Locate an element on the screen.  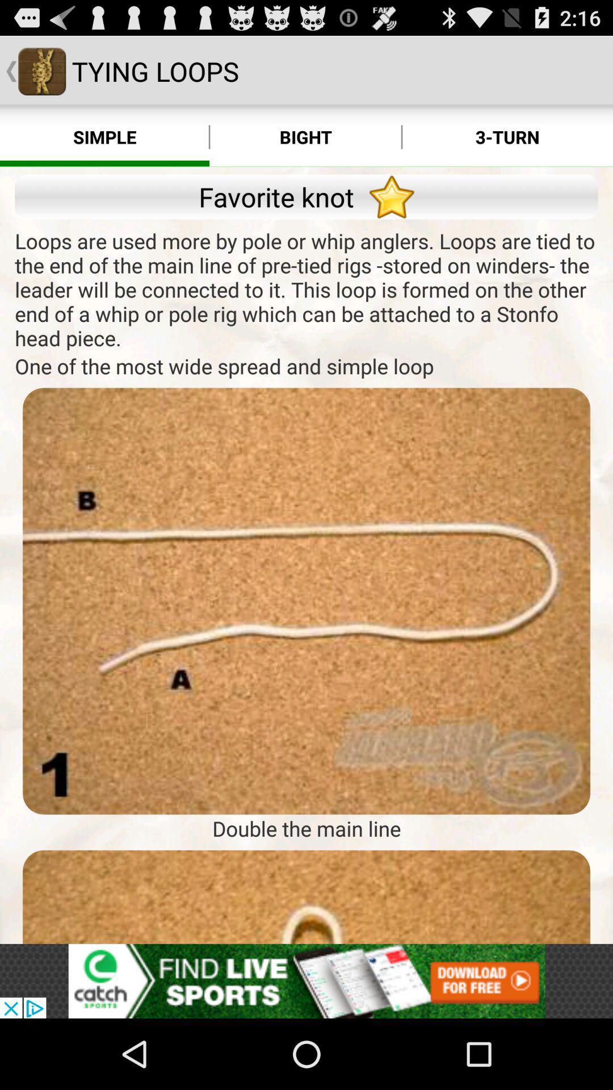
adverisment is located at coordinates (306, 980).